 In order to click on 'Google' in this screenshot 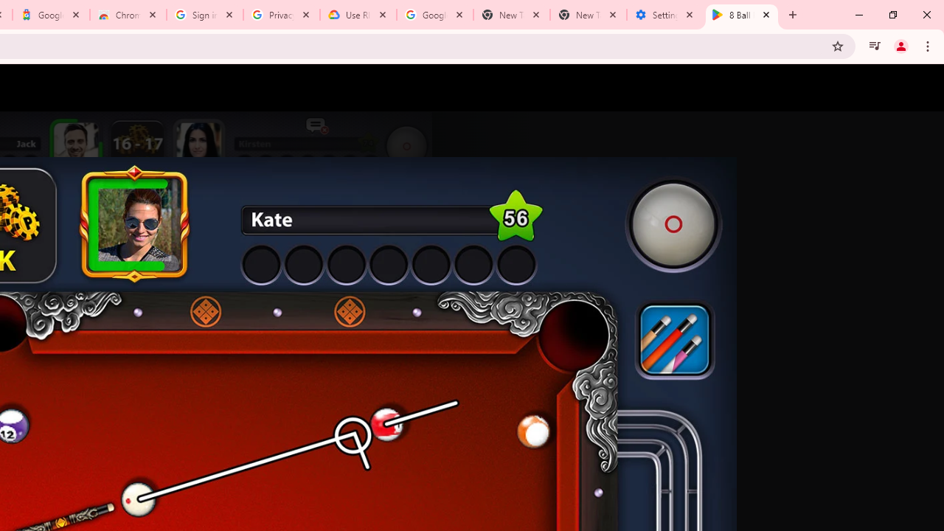, I will do `click(51, 15)`.